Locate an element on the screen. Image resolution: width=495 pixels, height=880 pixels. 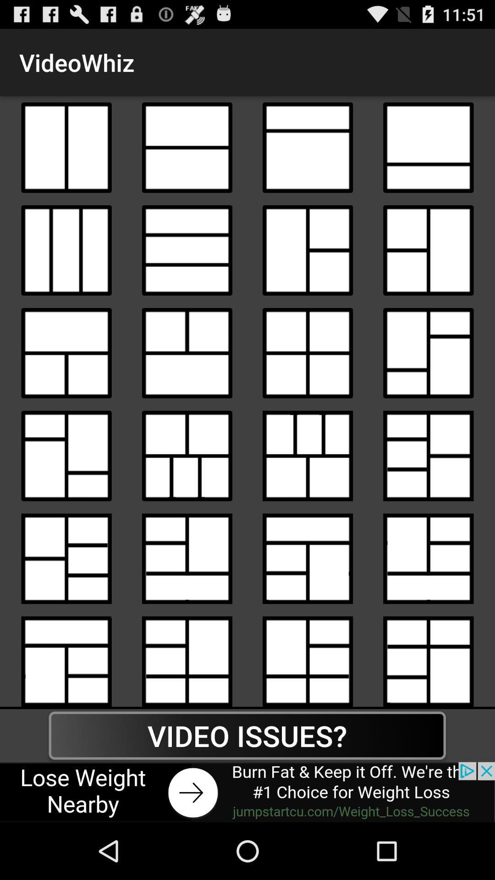
grid model is located at coordinates (428, 148).